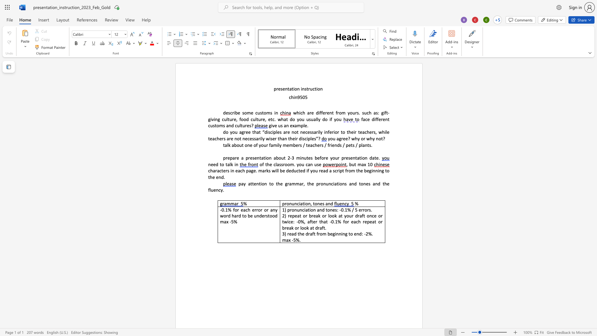 The height and width of the screenshot is (336, 597). Describe the element at coordinates (262, 113) in the screenshot. I see `the space between the continuous character "s" and "t" in the text` at that location.